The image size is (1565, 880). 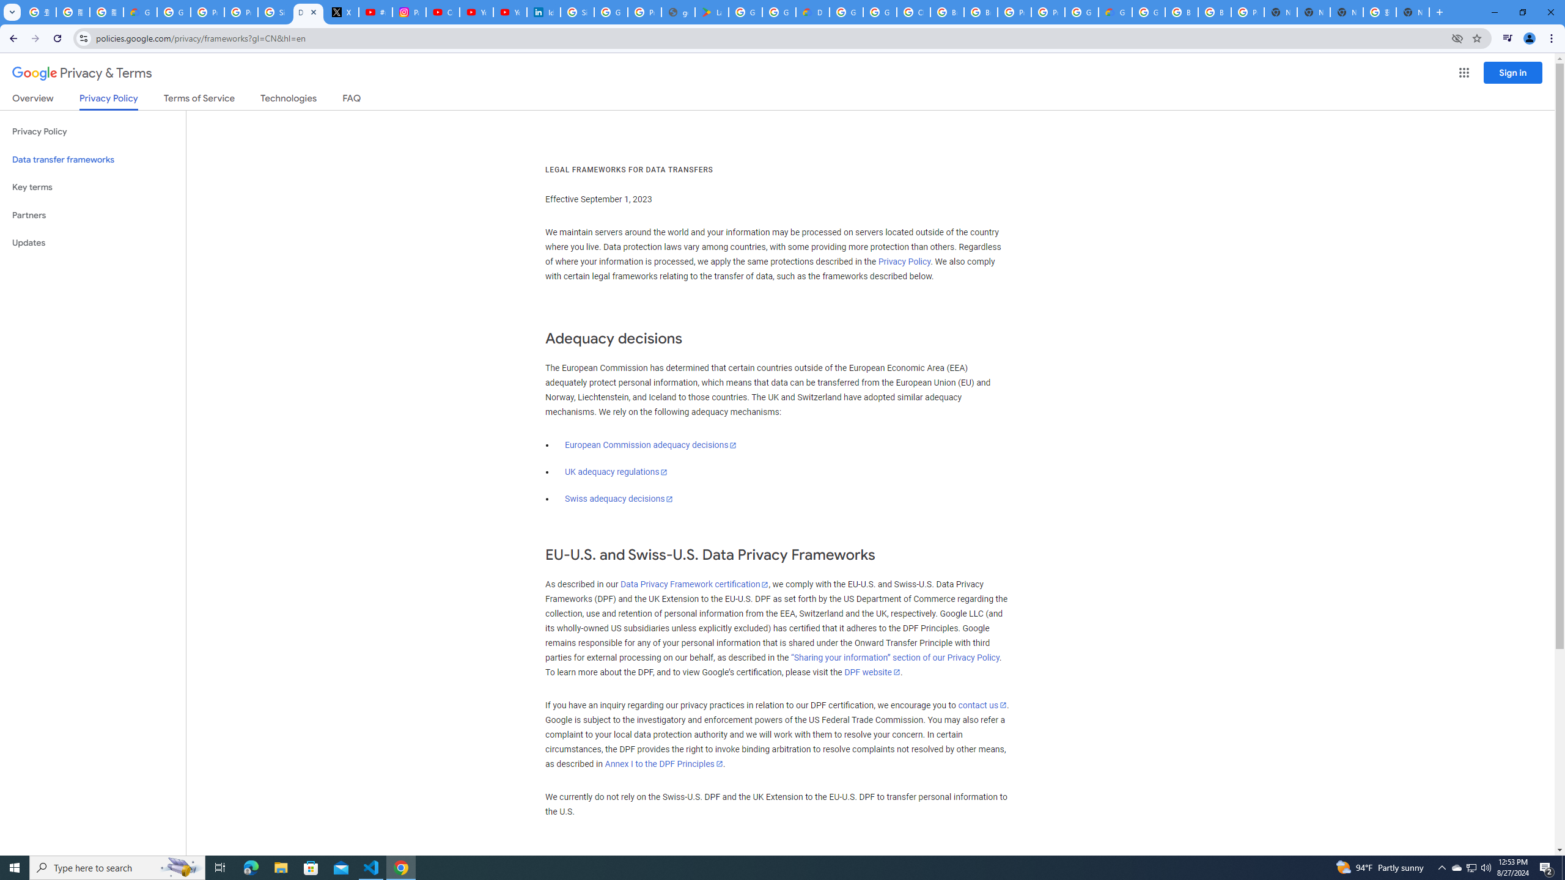 What do you see at coordinates (693, 584) in the screenshot?
I see `'Data Privacy Framework certification'` at bounding box center [693, 584].